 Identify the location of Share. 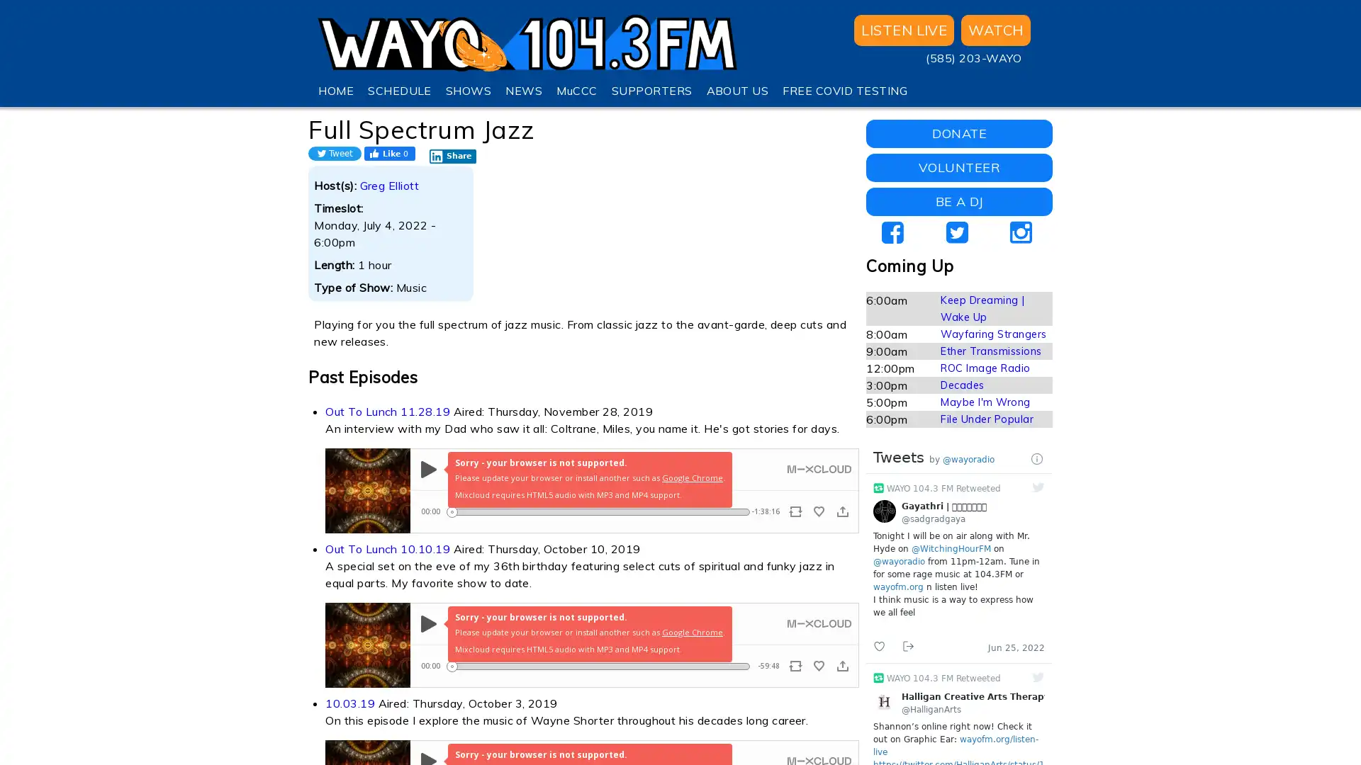
(452, 155).